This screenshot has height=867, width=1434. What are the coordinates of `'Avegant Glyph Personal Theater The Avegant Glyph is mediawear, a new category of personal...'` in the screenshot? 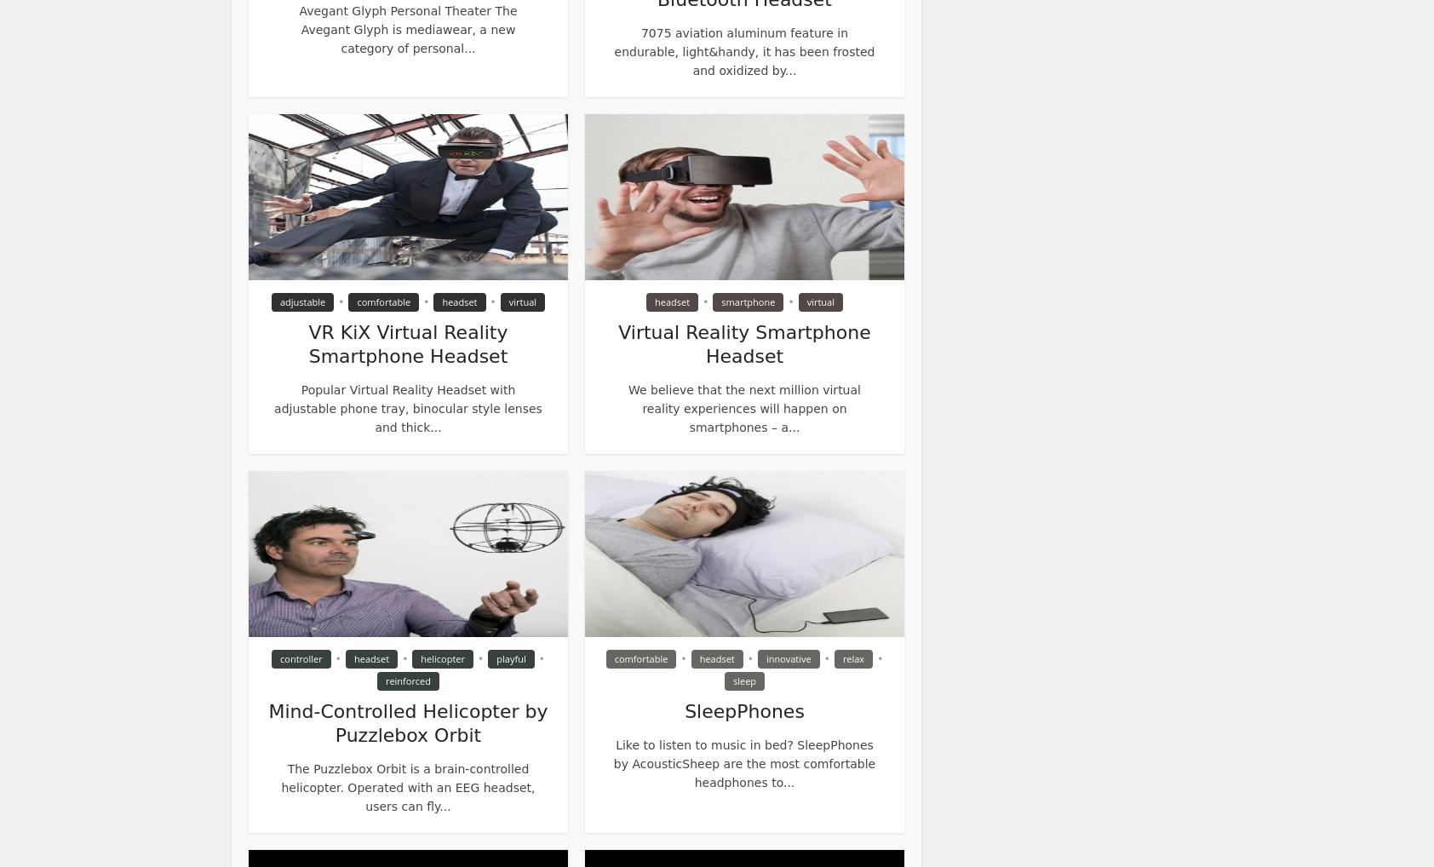 It's located at (406, 29).